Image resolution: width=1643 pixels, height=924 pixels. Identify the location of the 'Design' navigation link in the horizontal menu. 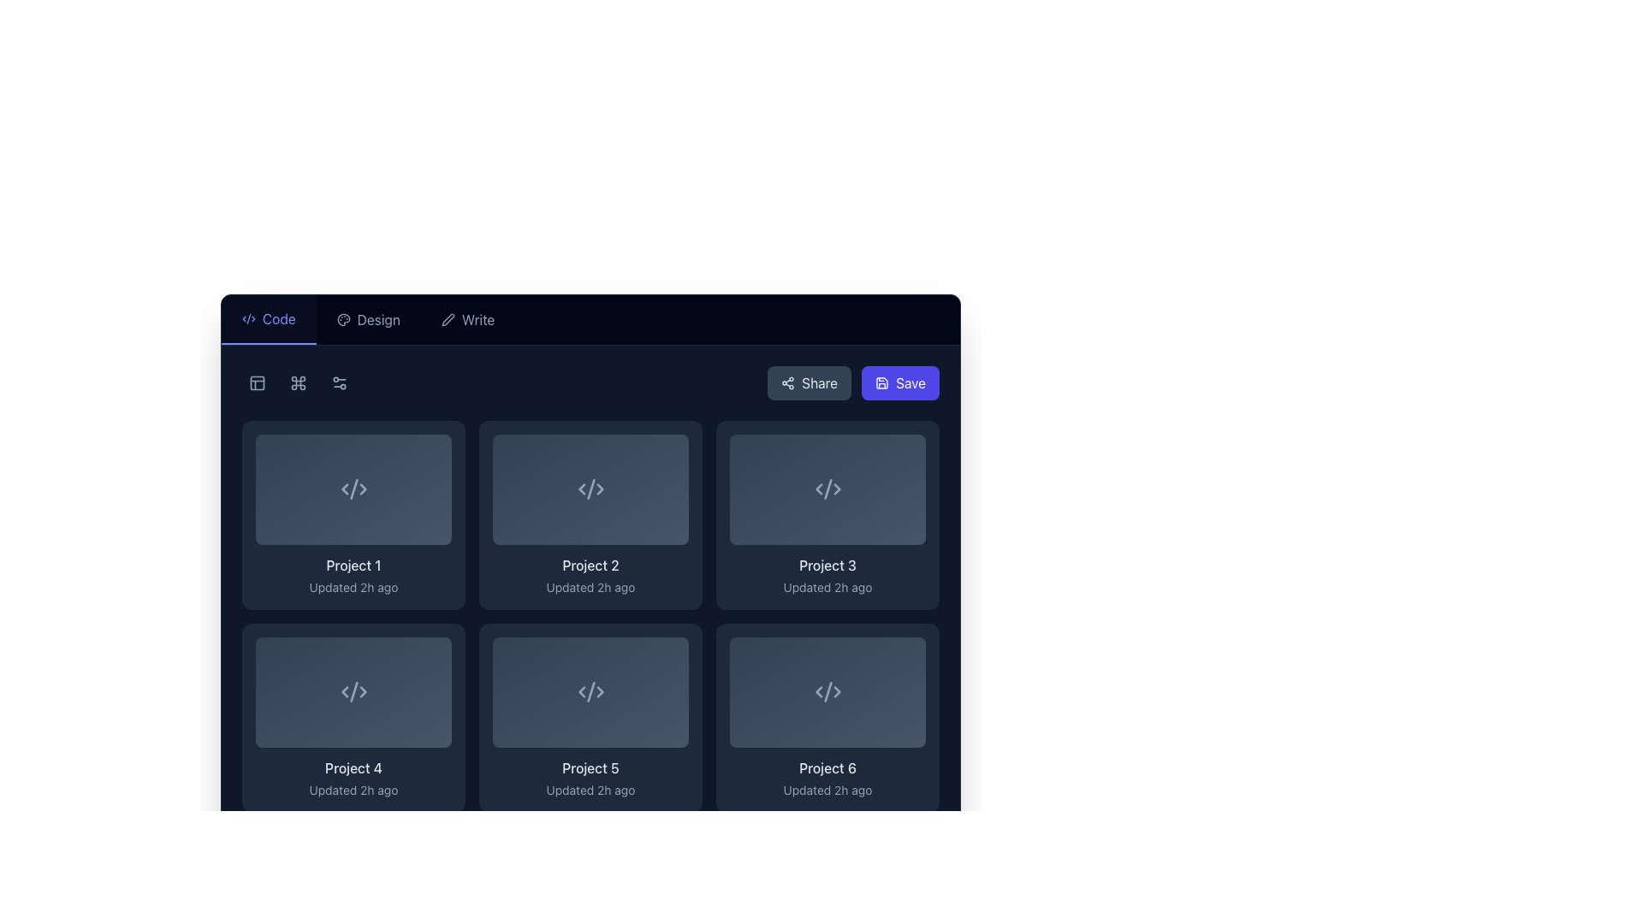
(377, 320).